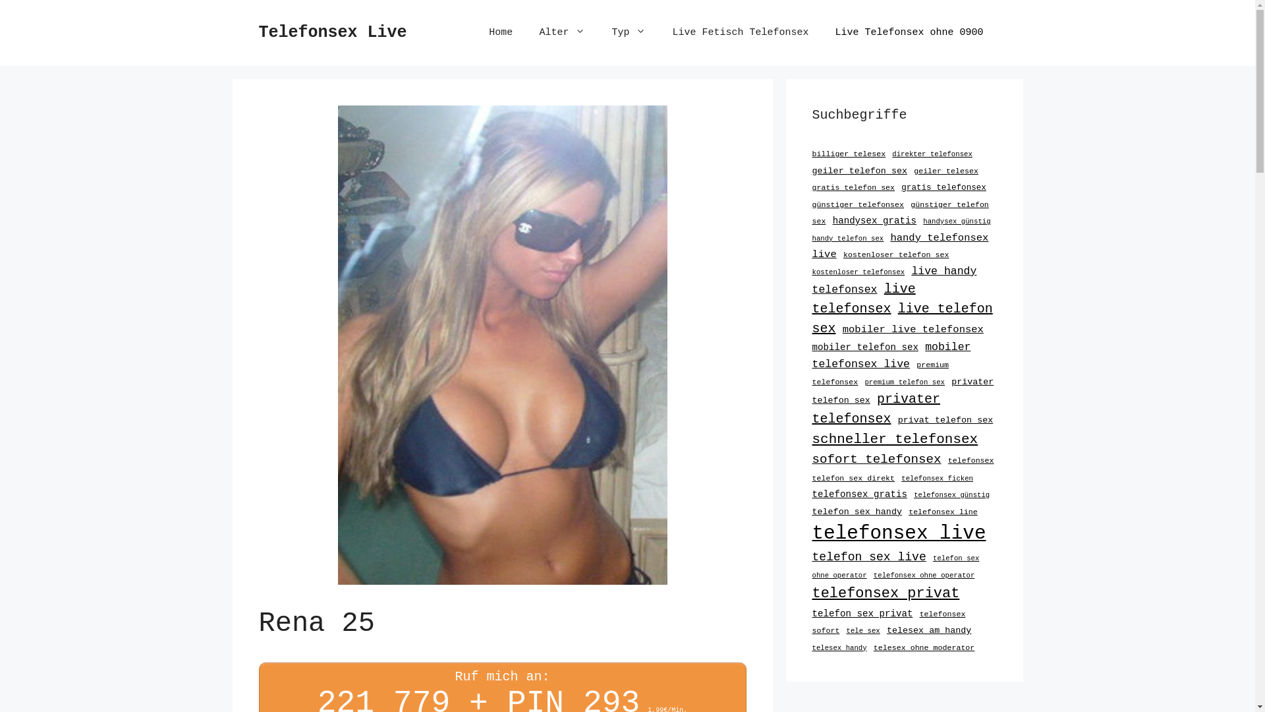 This screenshot has height=712, width=1265. What do you see at coordinates (628, 32) in the screenshot?
I see `'Typ'` at bounding box center [628, 32].